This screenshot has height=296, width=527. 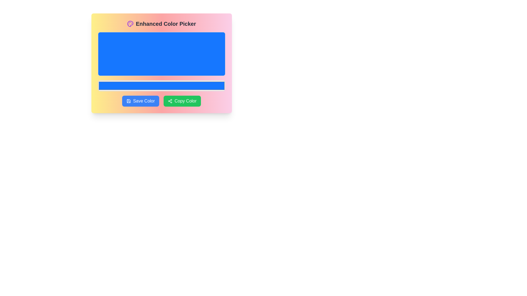 I want to click on the rounded rectangular green button labeled 'Copy Color' located in the bottom-right of the color picker interface for interaction feedback, so click(x=182, y=101).